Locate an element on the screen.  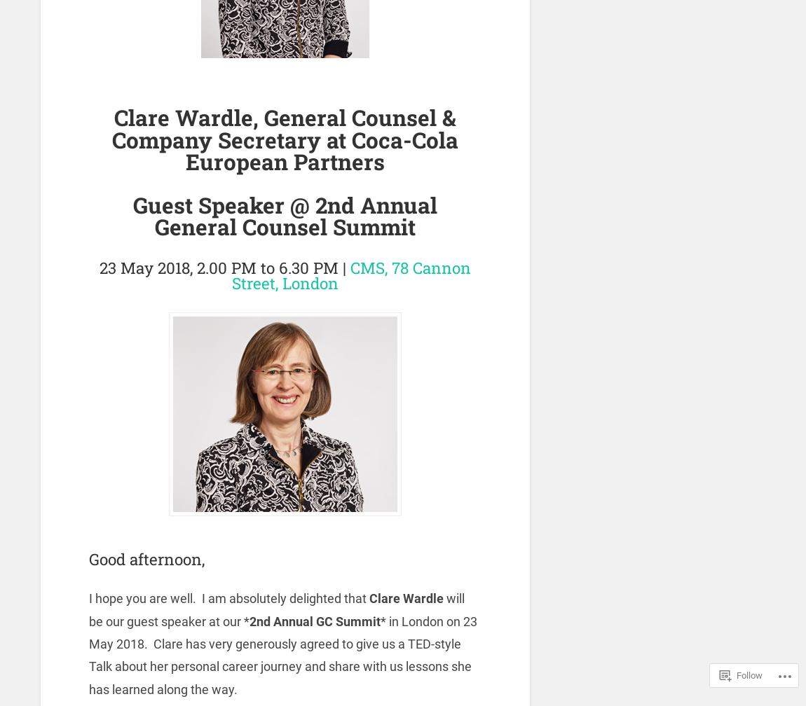
'Good afternoon,' is located at coordinates (146, 558).